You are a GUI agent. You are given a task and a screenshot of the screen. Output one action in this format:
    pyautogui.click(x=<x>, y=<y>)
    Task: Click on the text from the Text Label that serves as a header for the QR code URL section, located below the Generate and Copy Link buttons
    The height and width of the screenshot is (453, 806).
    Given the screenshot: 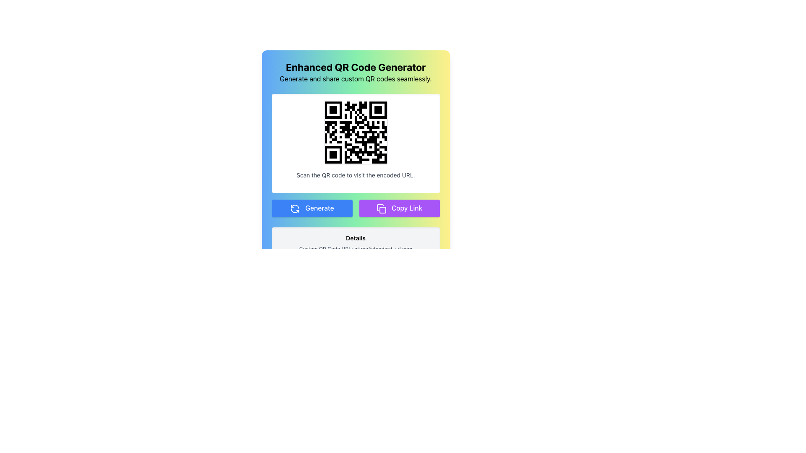 What is the action you would take?
    pyautogui.click(x=356, y=238)
    